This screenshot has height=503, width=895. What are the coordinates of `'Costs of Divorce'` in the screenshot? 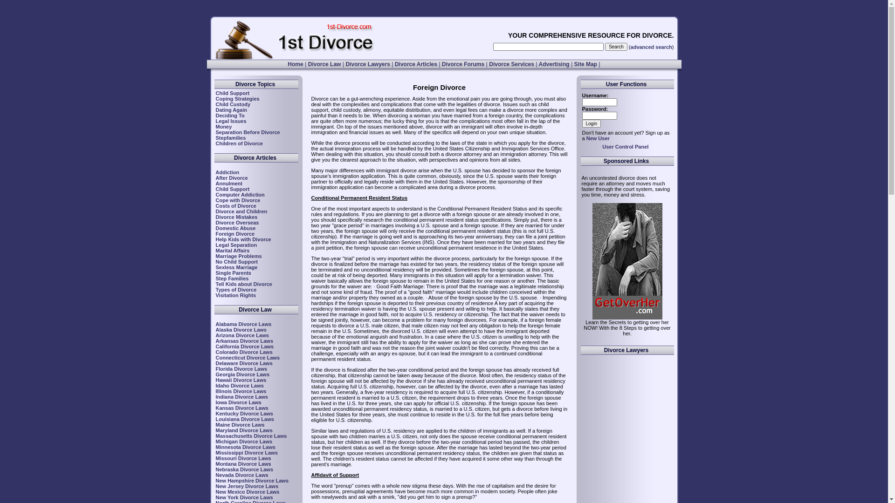 It's located at (235, 205).